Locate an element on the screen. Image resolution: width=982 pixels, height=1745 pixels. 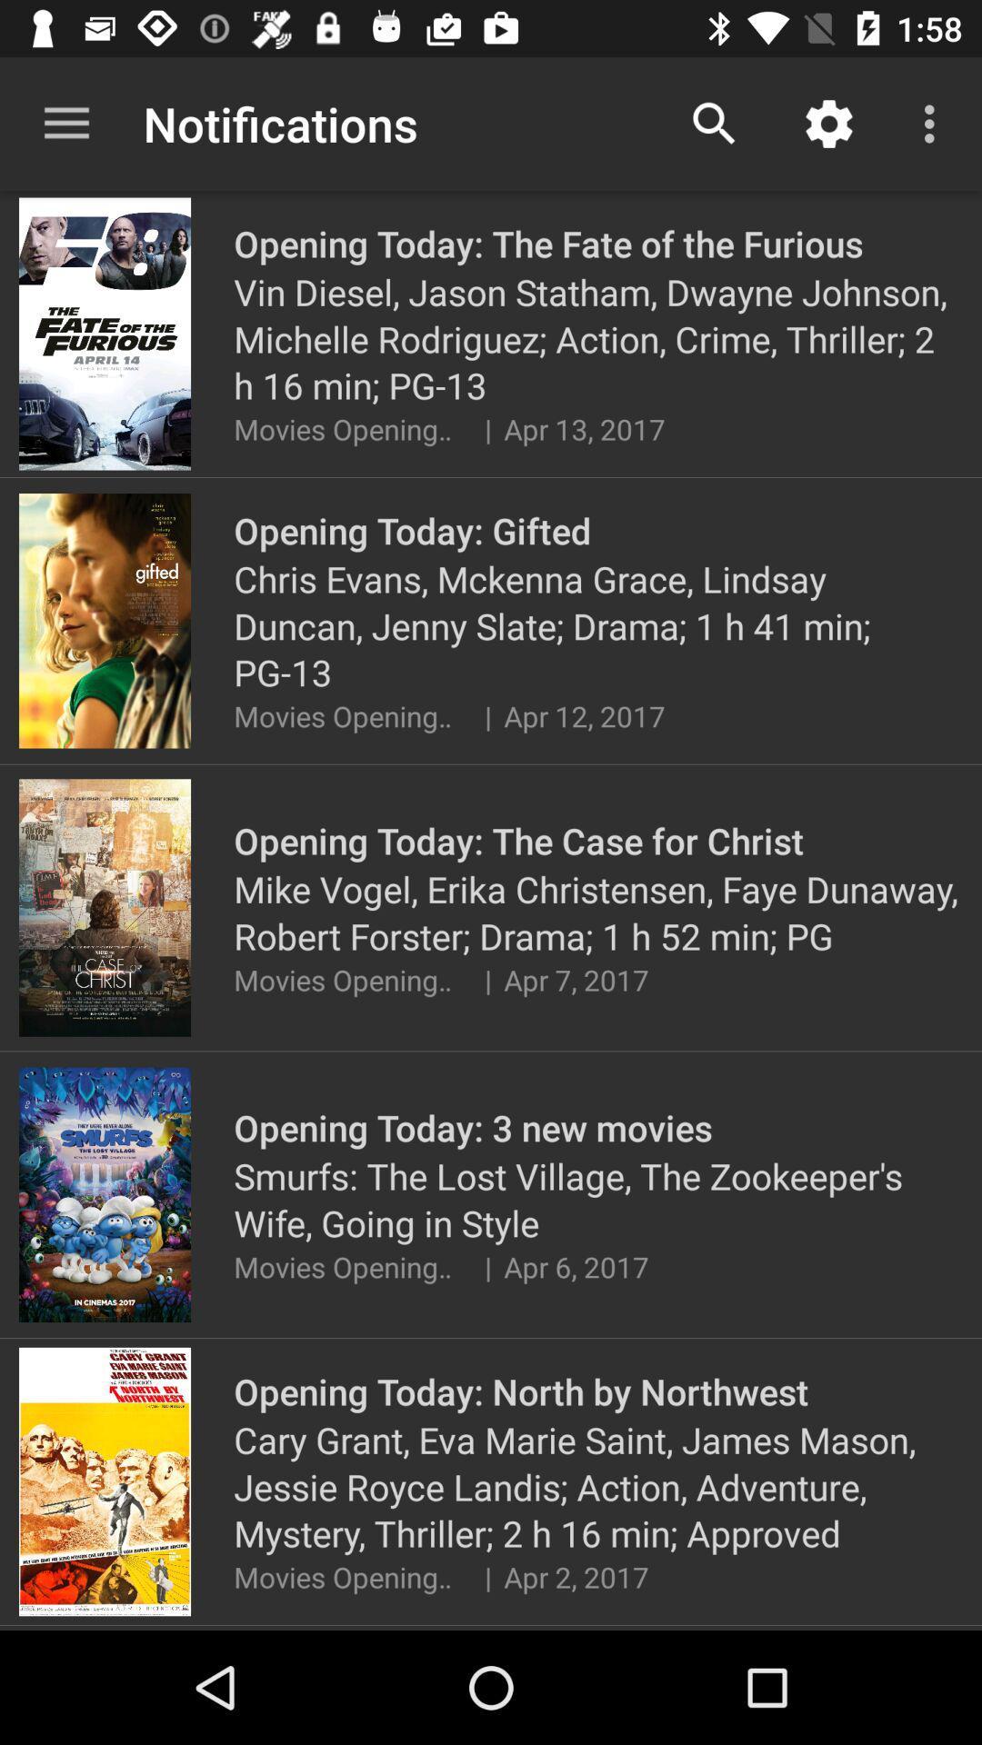
the icon next to notifications item is located at coordinates (714, 123).